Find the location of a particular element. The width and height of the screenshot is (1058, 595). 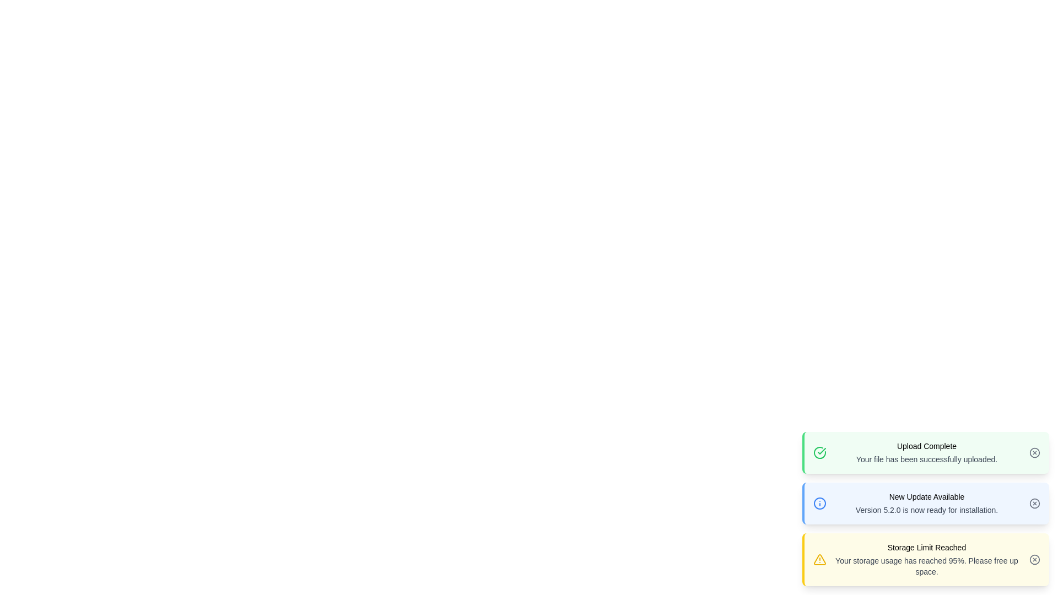

the text area displaying 'Upload Complete' and 'Your file has been successfully uploaded.' in a light green background, located at the top of the notification card is located at coordinates (926, 452).